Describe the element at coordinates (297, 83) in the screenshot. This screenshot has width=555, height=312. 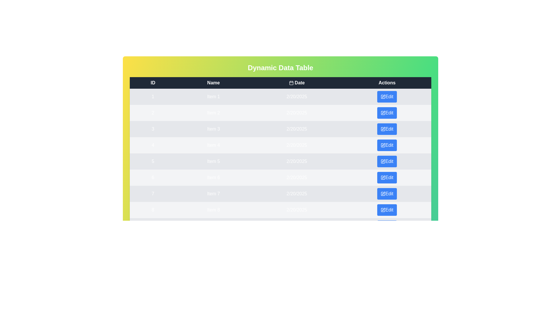
I see `the header to sort the column by Date` at that location.